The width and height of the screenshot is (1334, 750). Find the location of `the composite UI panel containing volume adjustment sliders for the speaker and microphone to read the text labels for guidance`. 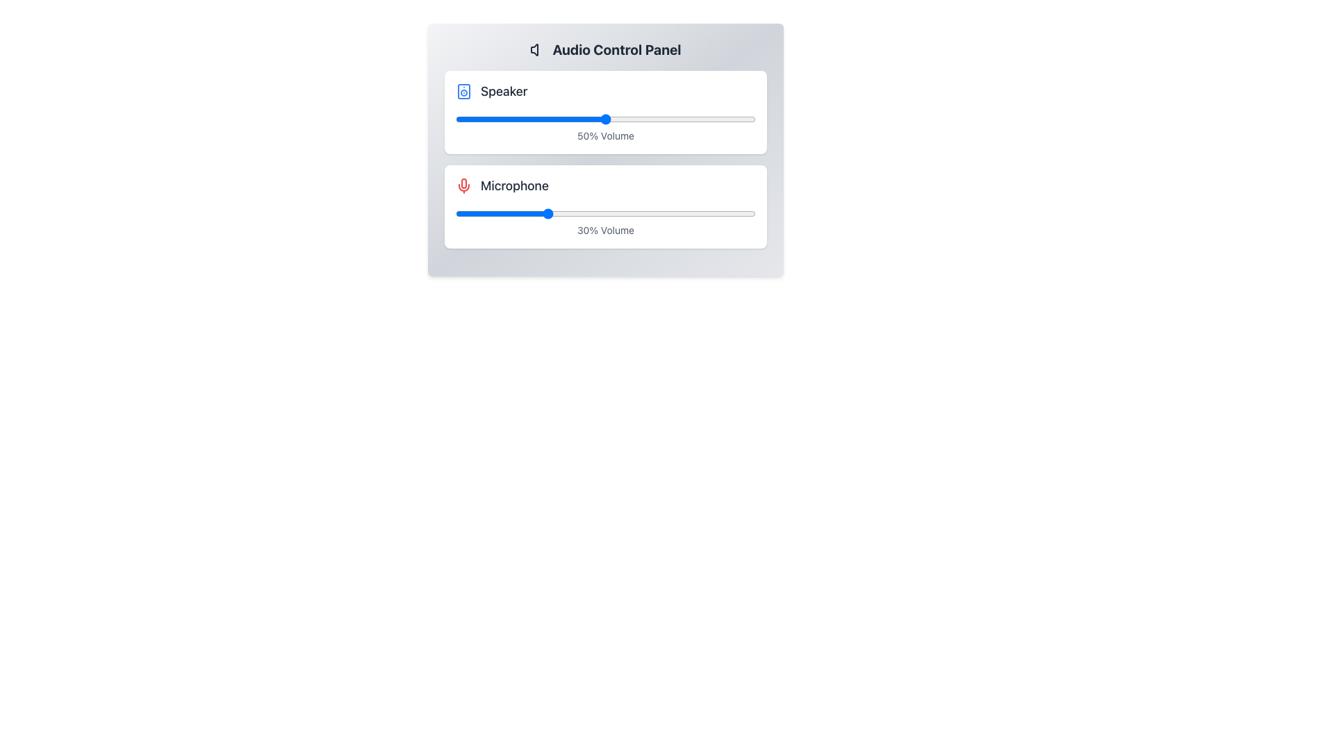

the composite UI panel containing volume adjustment sliders for the speaker and microphone to read the text labels for guidance is located at coordinates (606, 150).